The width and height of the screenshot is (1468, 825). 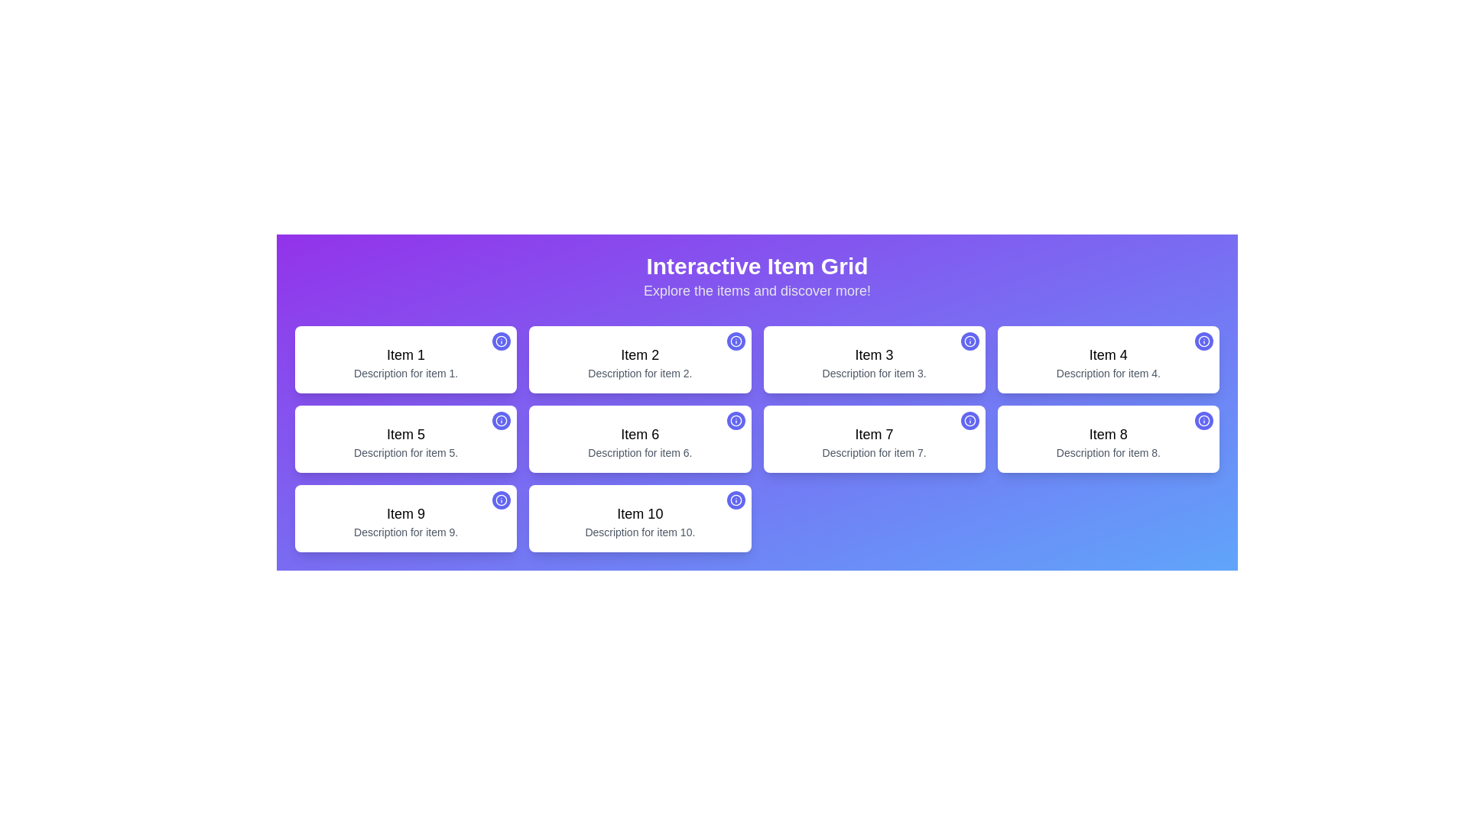 I want to click on the styling of the blue circular SVG element with a stroke width of 2px and a radius of 10 units, located at the top-right corner of the 'Item 1' card, so click(x=502, y=341).